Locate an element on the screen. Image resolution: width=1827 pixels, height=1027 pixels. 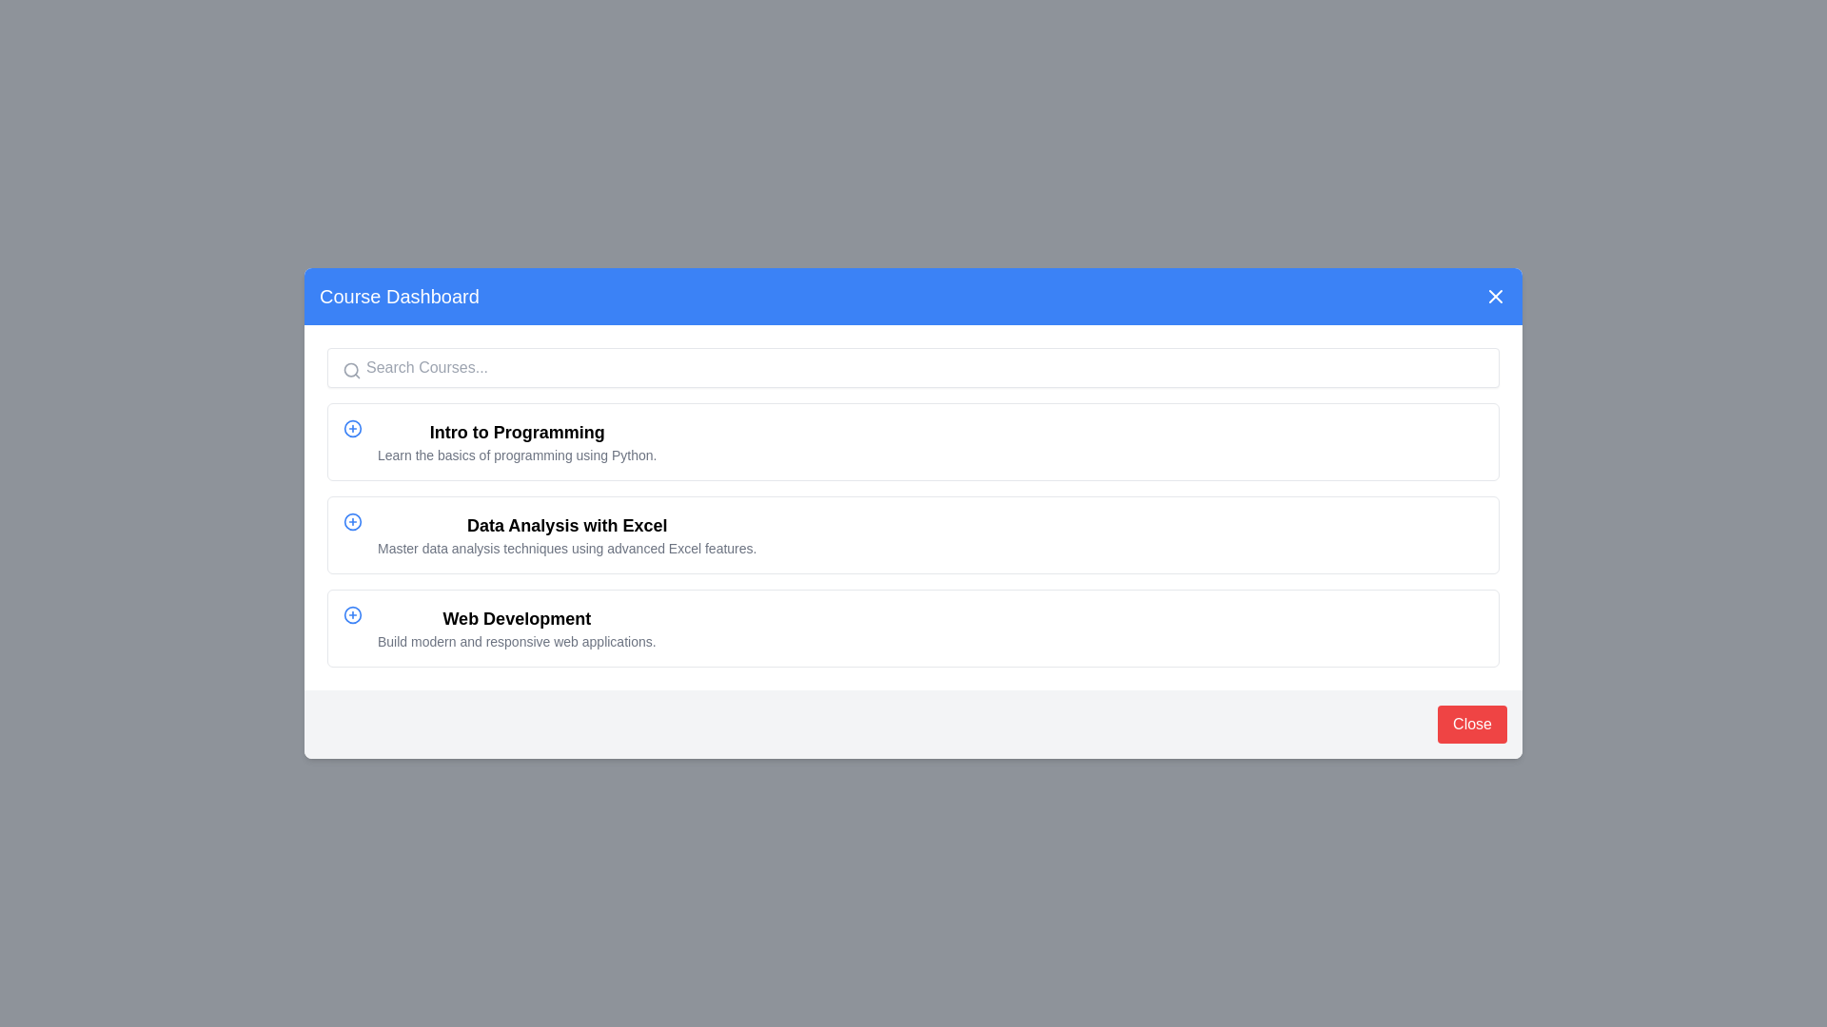
the Text block that describes the course 'Intro to Programming', which is the first item in the list below the search bar is located at coordinates (517, 442).